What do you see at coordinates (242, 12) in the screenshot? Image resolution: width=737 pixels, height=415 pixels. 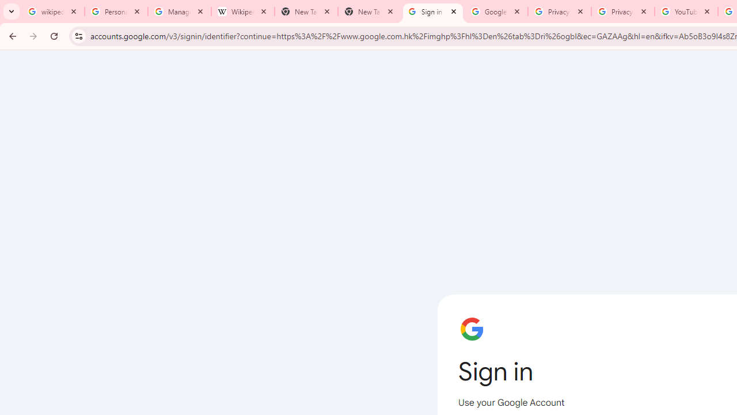 I see `'Wikipedia:Edit requests - Wikipedia'` at bounding box center [242, 12].